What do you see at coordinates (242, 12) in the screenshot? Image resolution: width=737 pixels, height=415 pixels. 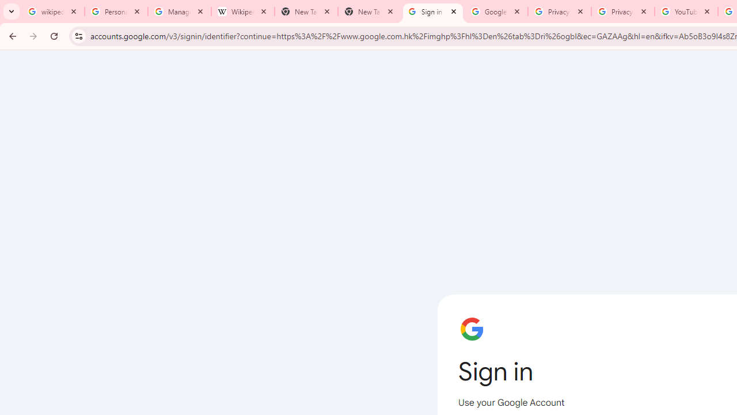 I see `'Wikipedia:Edit requests - Wikipedia'` at bounding box center [242, 12].